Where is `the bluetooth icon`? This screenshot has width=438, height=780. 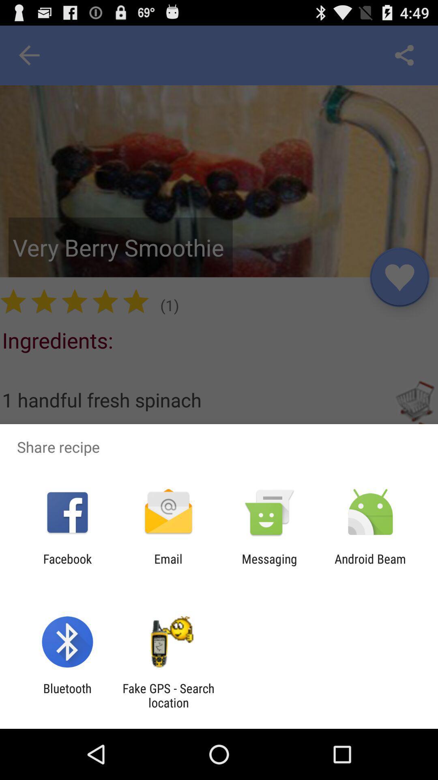 the bluetooth icon is located at coordinates (67, 695).